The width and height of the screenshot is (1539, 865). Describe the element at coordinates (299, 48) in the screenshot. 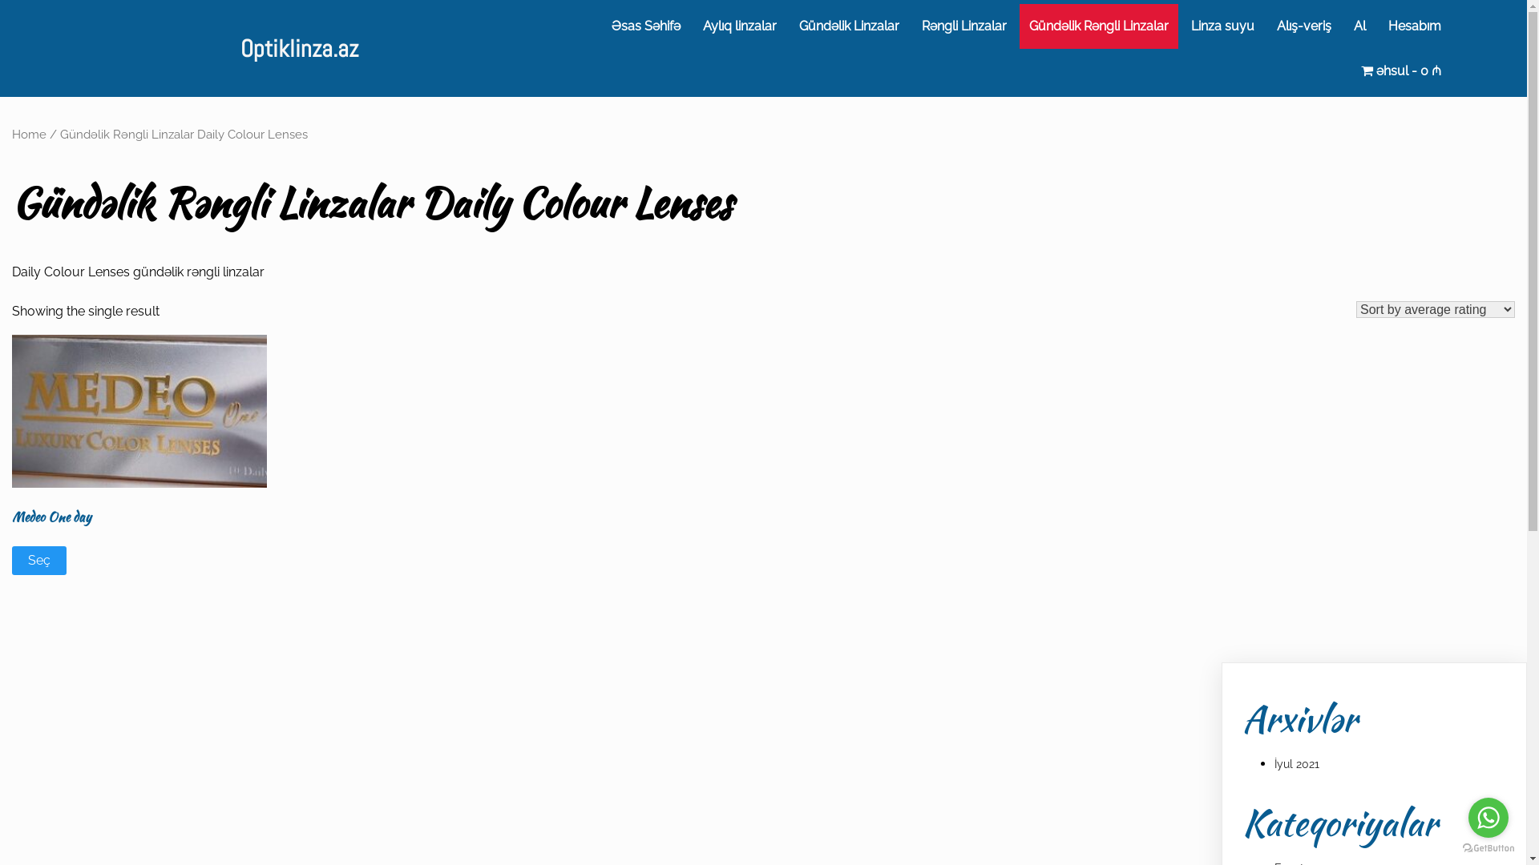

I see `'Optiklinza.az'` at that location.